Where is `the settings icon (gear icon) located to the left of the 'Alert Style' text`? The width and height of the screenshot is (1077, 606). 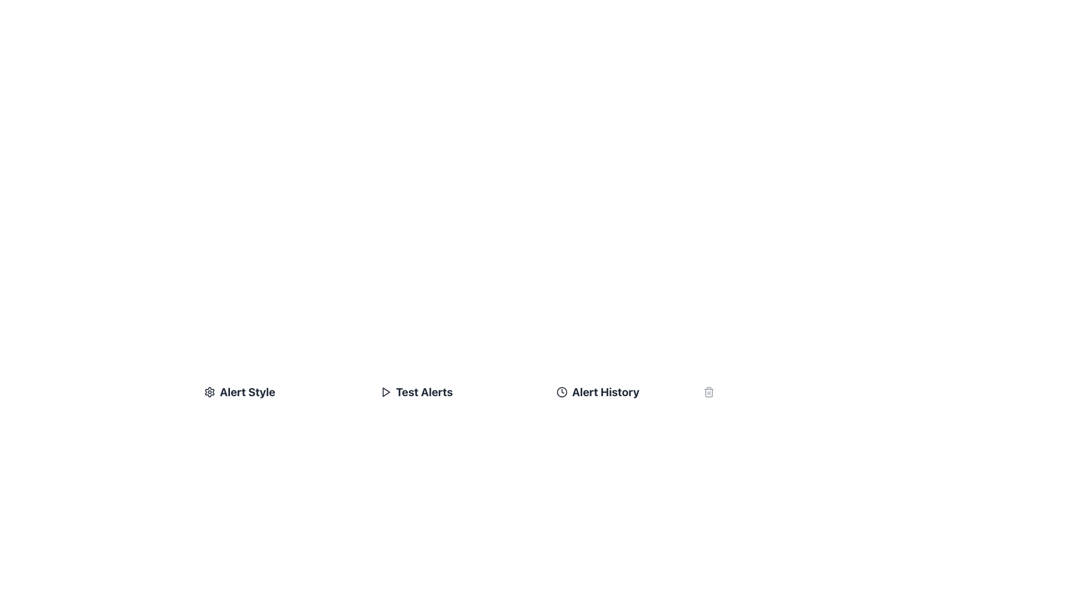
the settings icon (gear icon) located to the left of the 'Alert Style' text is located at coordinates (210, 391).